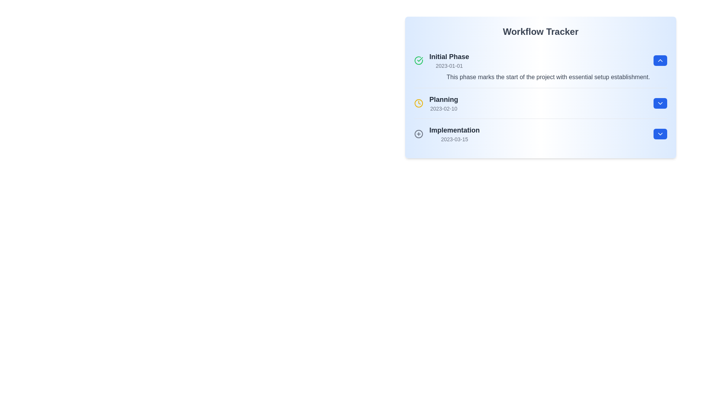 This screenshot has width=727, height=409. I want to click on the toggle button located in the top-right corner of the first row of the workflow tracker, so click(660, 60).